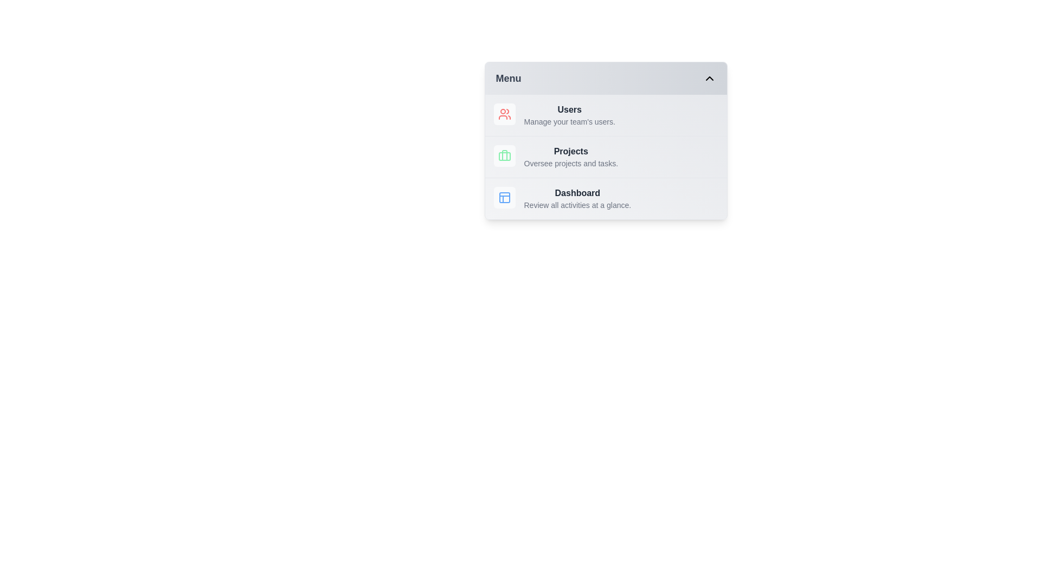 The height and width of the screenshot is (585, 1041). What do you see at coordinates (504, 114) in the screenshot?
I see `the menu icon for Users` at bounding box center [504, 114].